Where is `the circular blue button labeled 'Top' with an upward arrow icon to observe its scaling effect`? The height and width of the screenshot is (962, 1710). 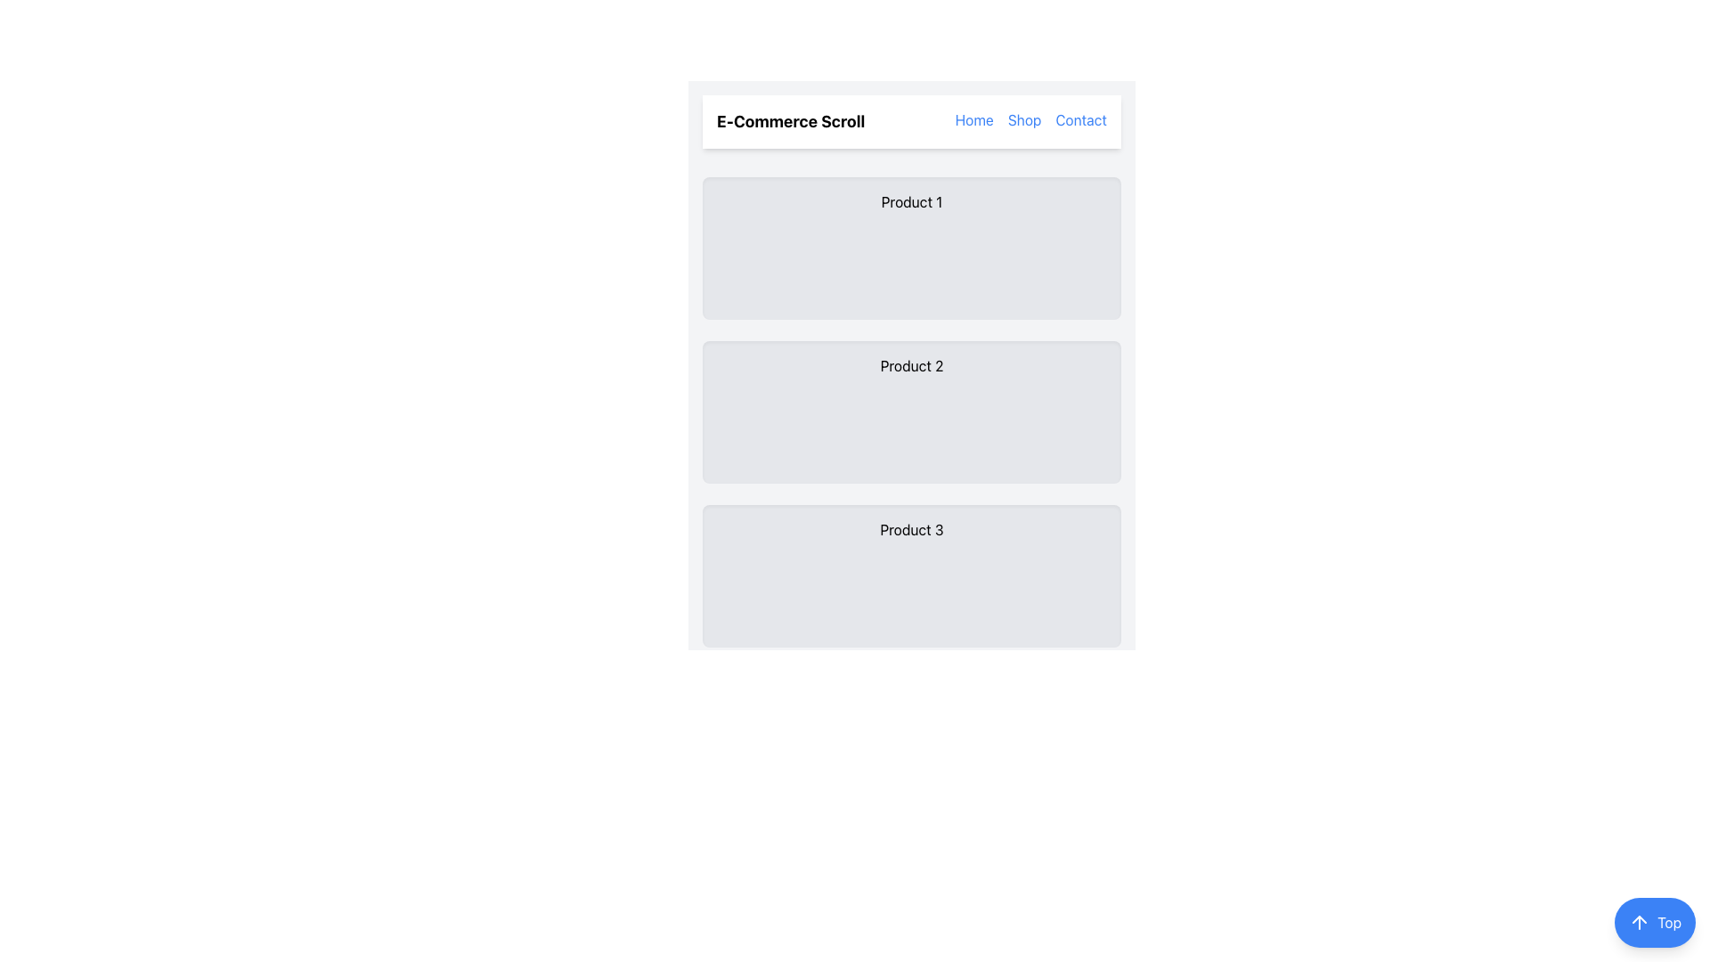 the circular blue button labeled 'Top' with an upward arrow icon to observe its scaling effect is located at coordinates (1654, 922).